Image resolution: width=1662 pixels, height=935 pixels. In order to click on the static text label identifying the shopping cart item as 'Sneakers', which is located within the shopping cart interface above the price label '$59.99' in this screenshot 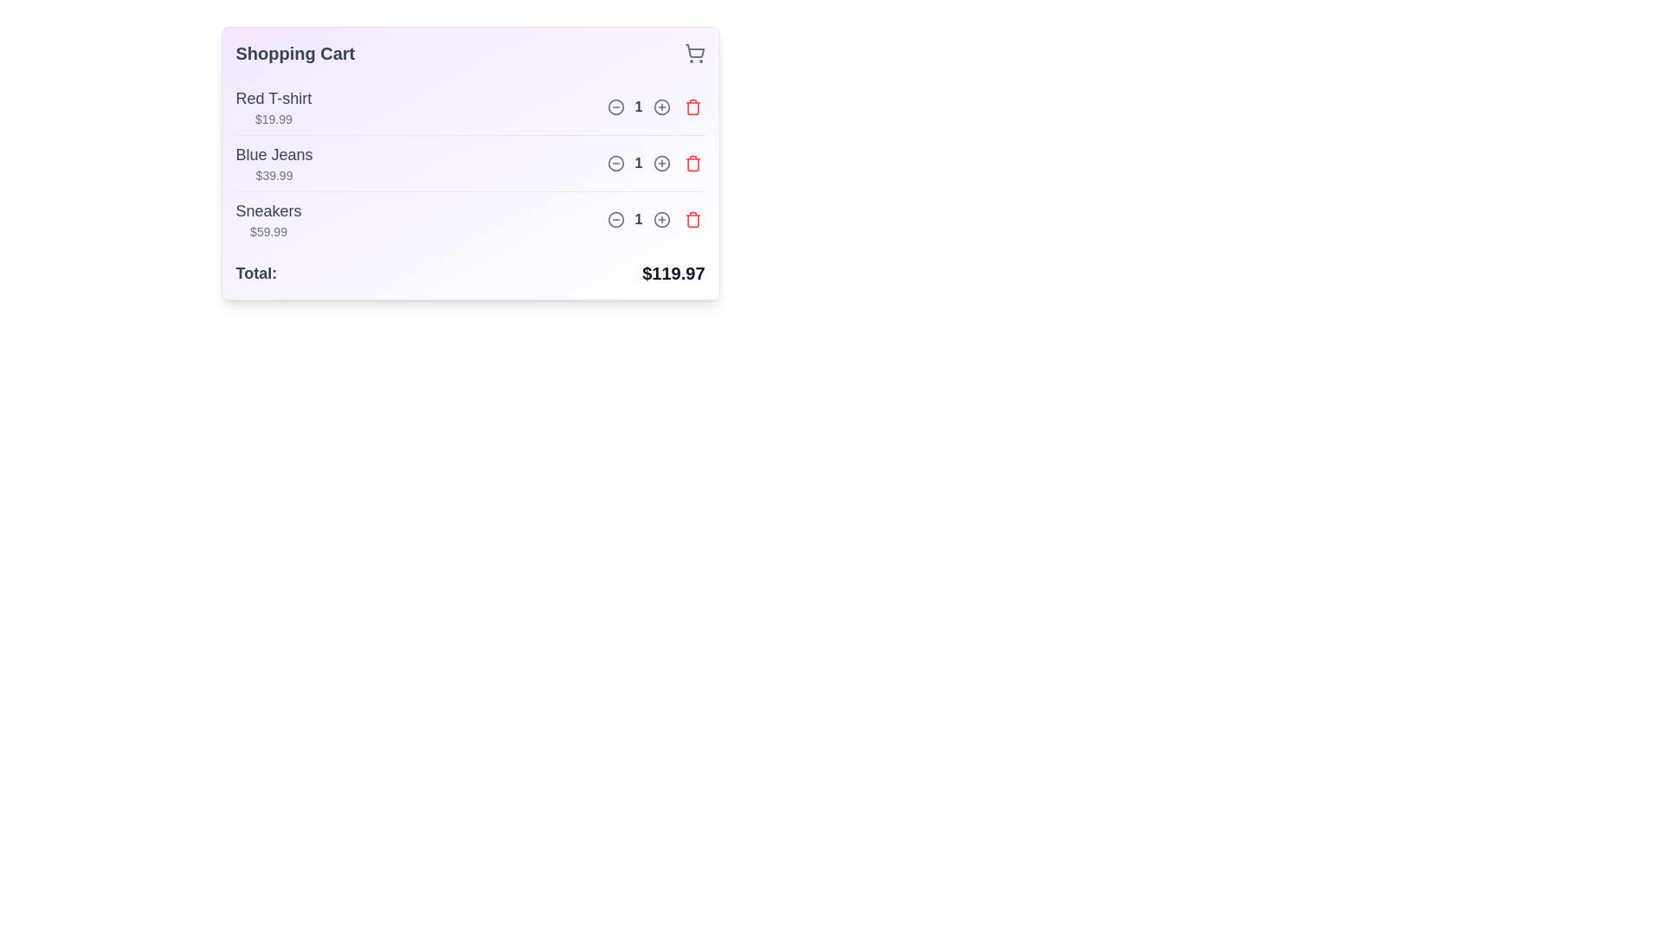, I will do `click(267, 210)`.